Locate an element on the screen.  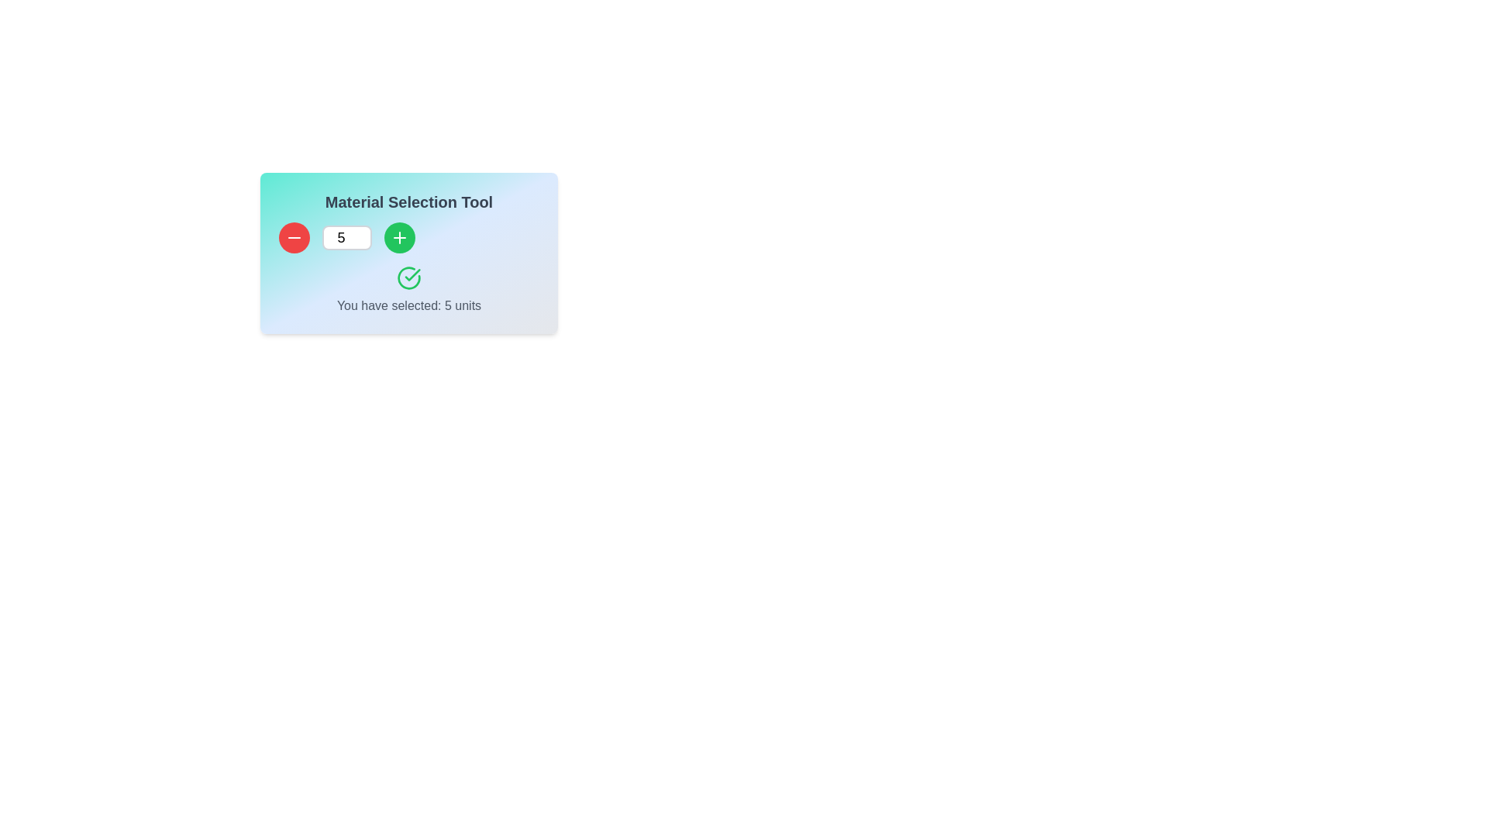
the decrement button located to the left of the number input field is located at coordinates (294, 238).